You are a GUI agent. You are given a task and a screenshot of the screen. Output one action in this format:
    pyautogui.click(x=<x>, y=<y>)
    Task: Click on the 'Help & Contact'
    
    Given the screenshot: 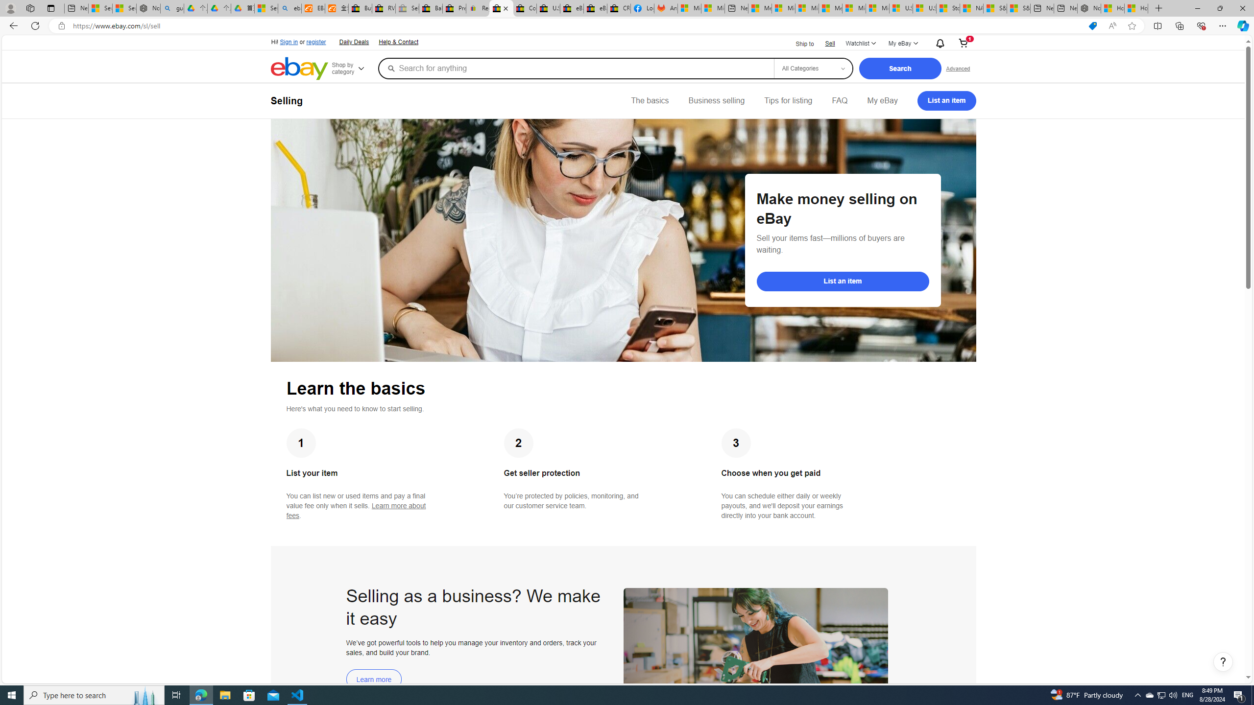 What is the action you would take?
    pyautogui.click(x=399, y=43)
    